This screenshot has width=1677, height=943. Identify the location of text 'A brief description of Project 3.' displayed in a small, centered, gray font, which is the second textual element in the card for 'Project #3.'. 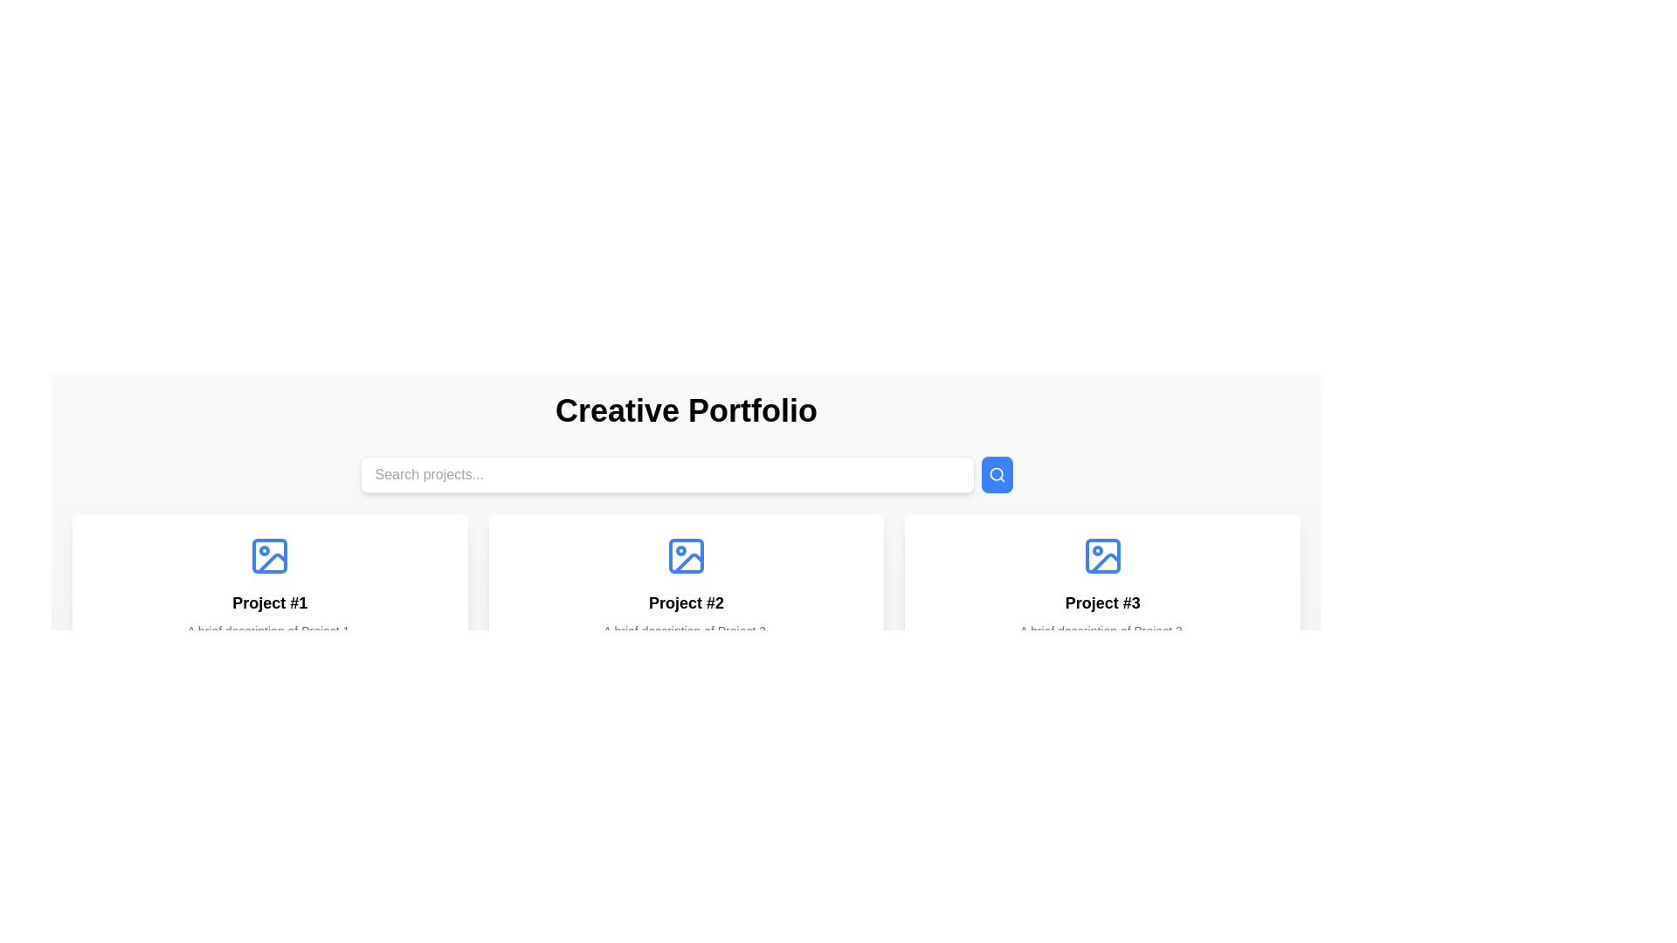
(1101, 630).